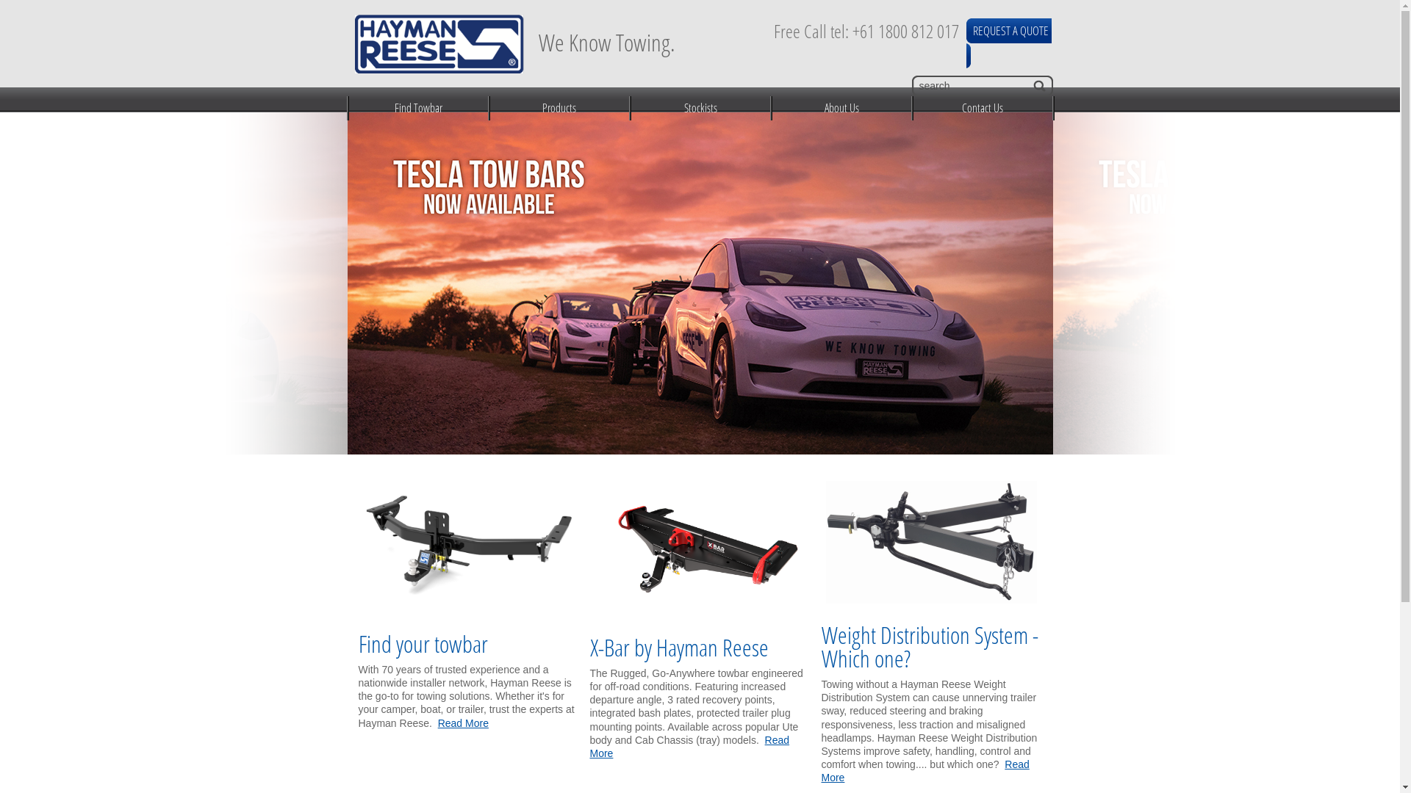 The image size is (1411, 793). I want to click on 'REQUEST A QUOTE', so click(973, 30).